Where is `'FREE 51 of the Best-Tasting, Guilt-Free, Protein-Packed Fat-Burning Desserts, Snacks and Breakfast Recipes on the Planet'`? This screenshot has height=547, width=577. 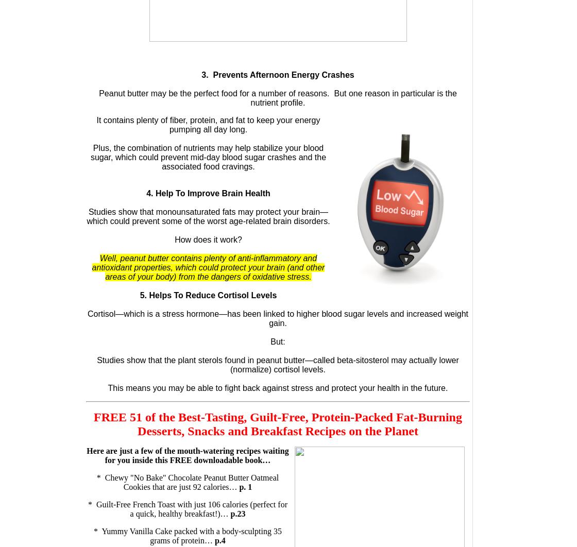
'FREE 51 of the Best-Tasting, Guilt-Free, Protein-Packed Fat-Burning Desserts, Snacks and Breakfast Recipes on the Planet' is located at coordinates (278, 423).